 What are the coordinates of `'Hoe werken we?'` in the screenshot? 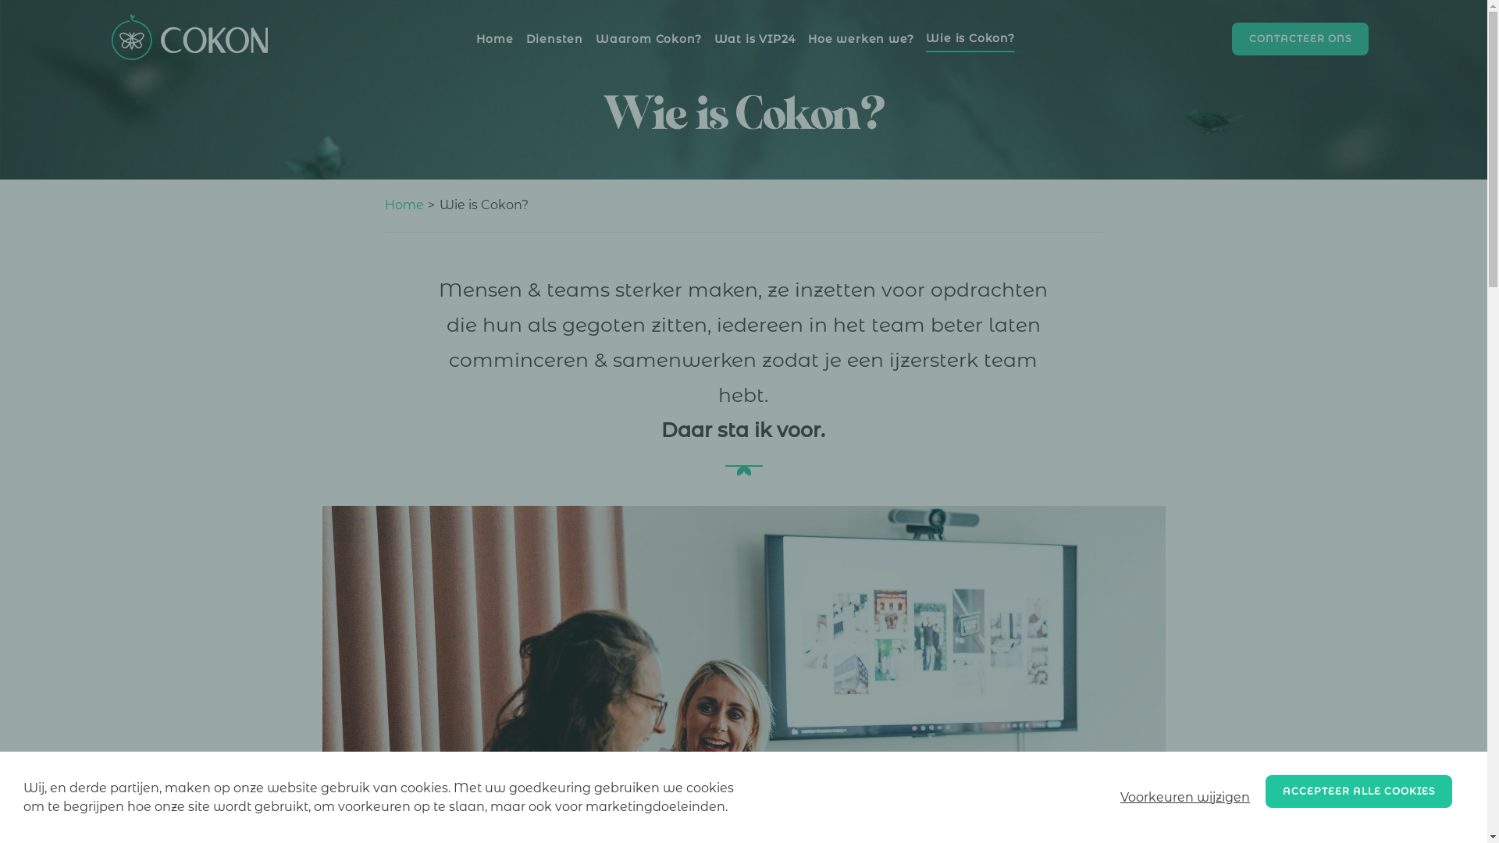 It's located at (860, 37).